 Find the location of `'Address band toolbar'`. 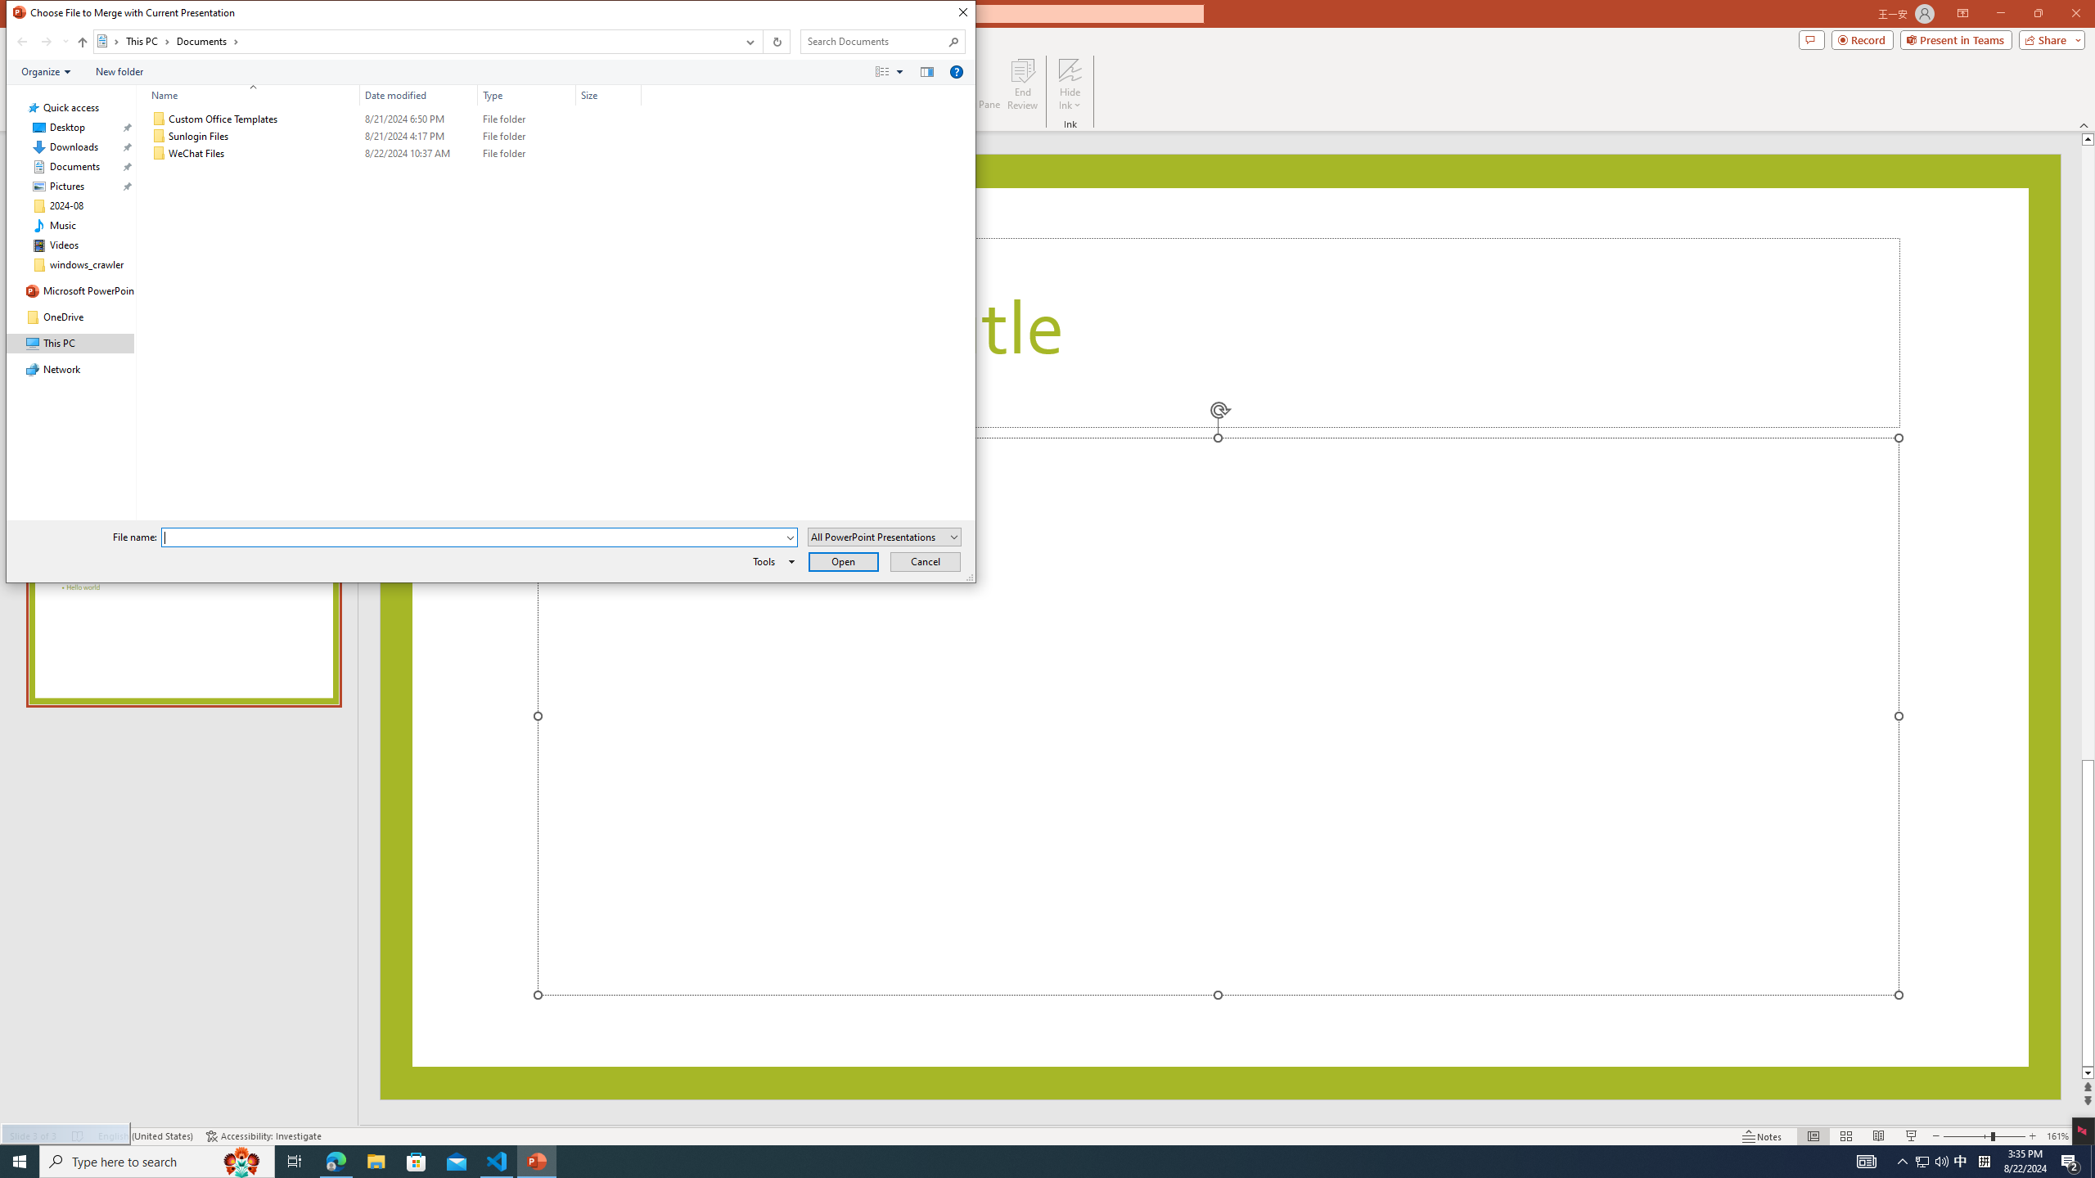

'Address band toolbar' is located at coordinates (761, 41).